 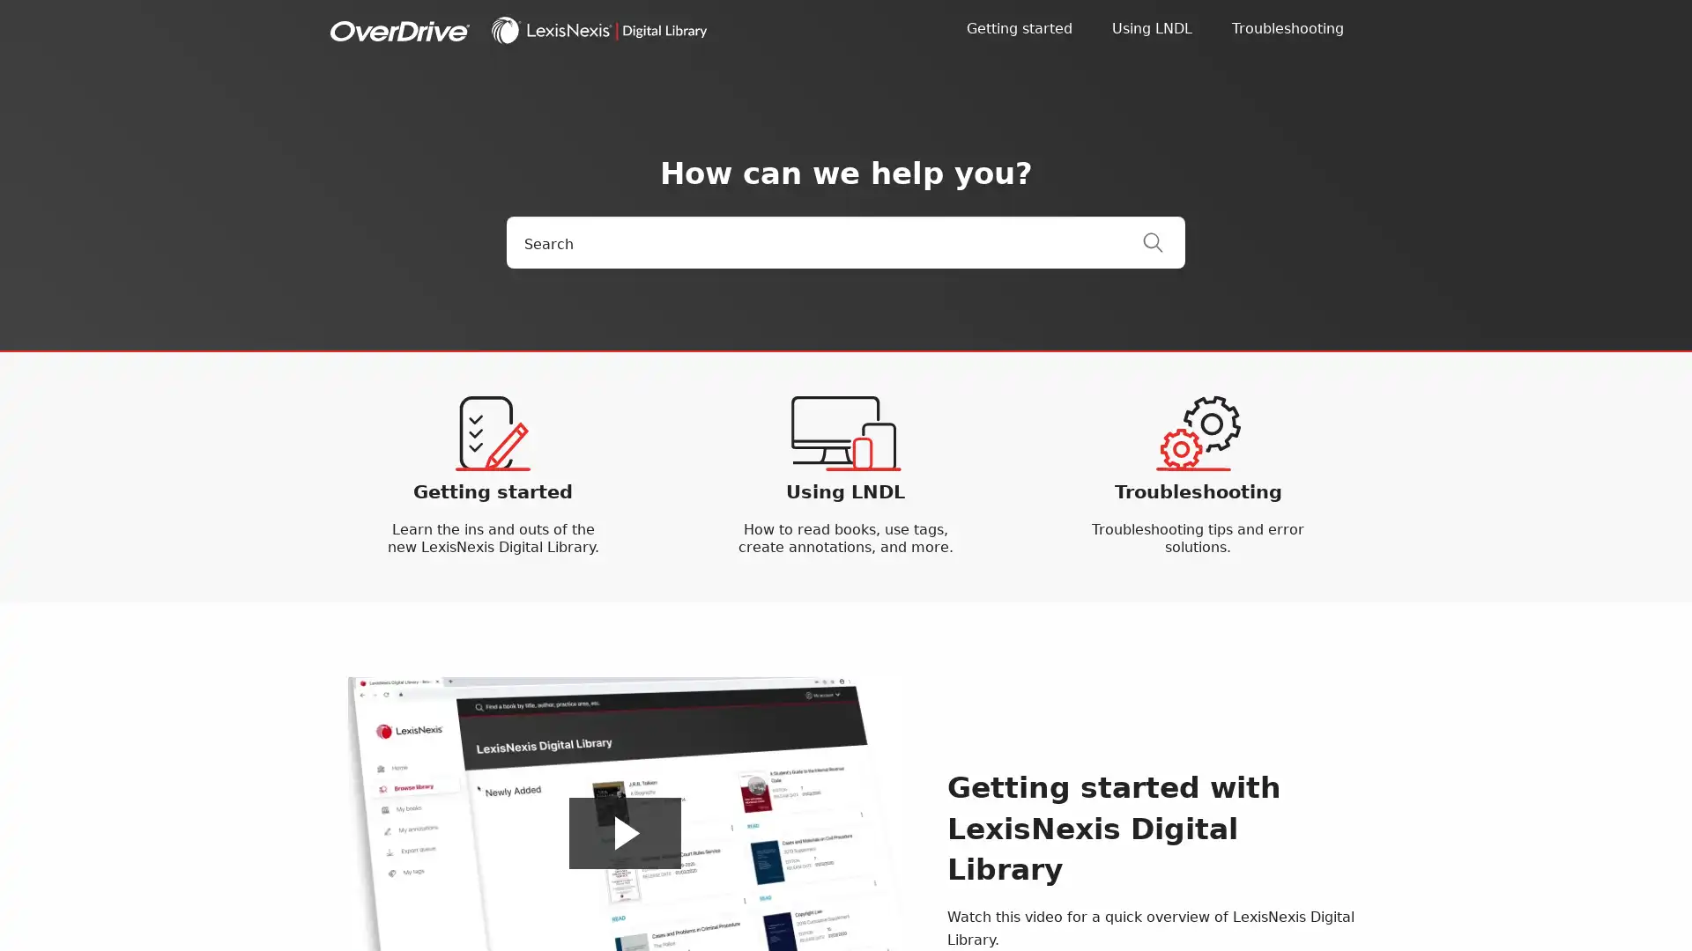 What do you see at coordinates (1163, 242) in the screenshot?
I see `Search` at bounding box center [1163, 242].